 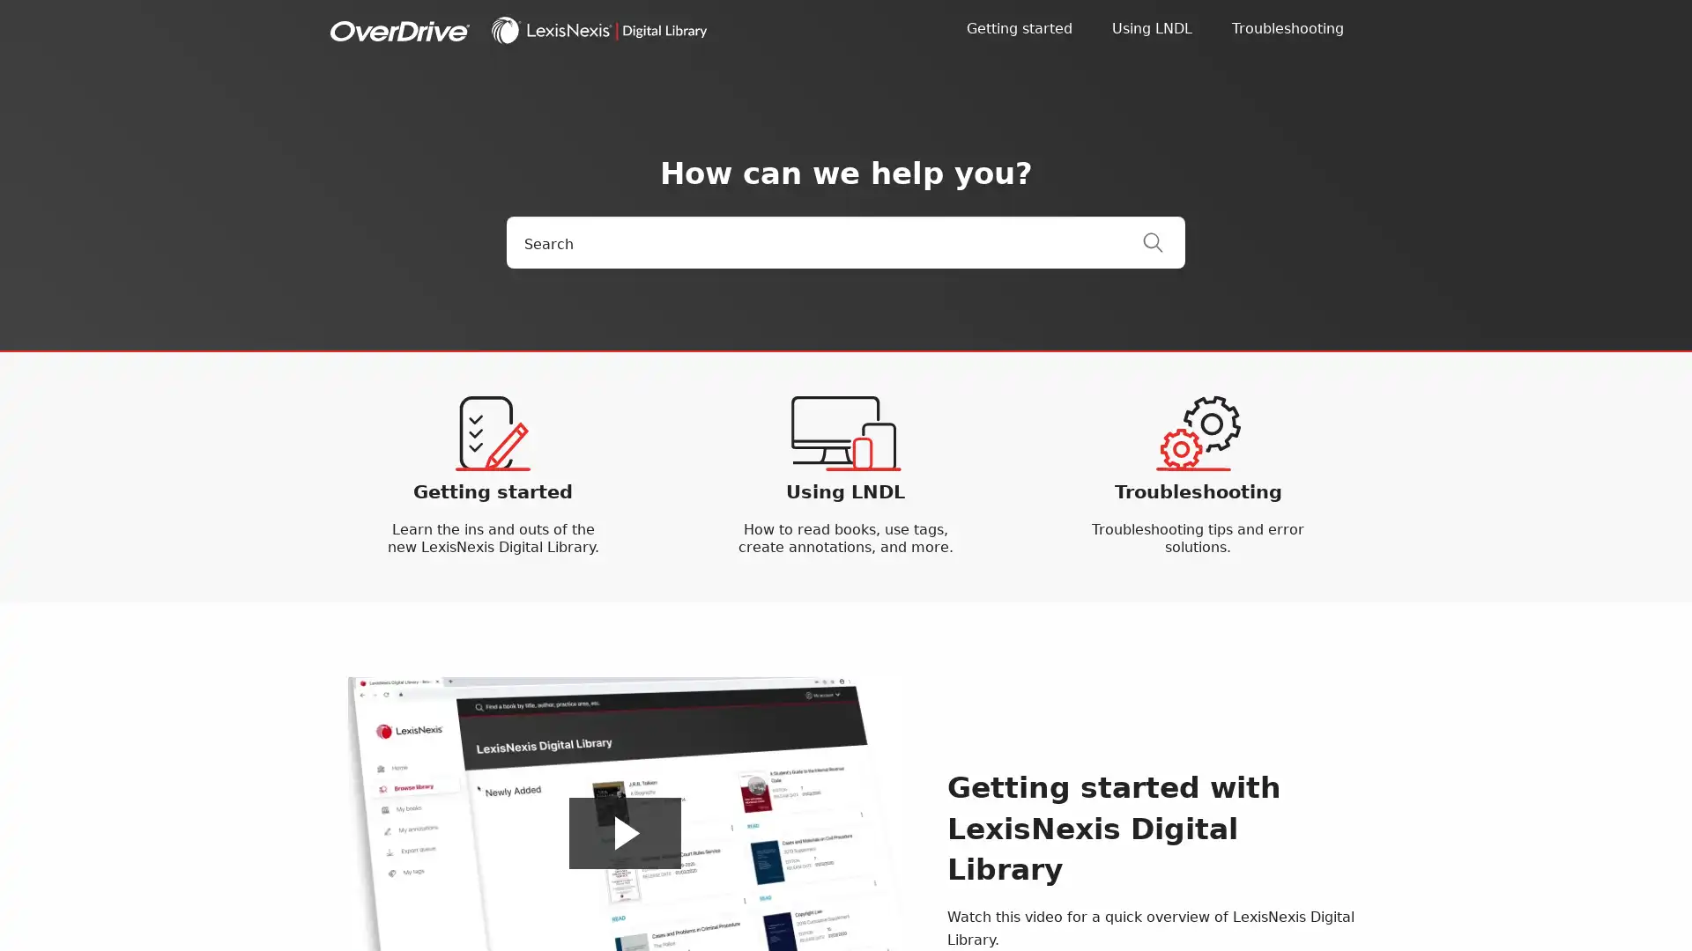 What do you see at coordinates (1163, 242) in the screenshot?
I see `Search` at bounding box center [1163, 242].